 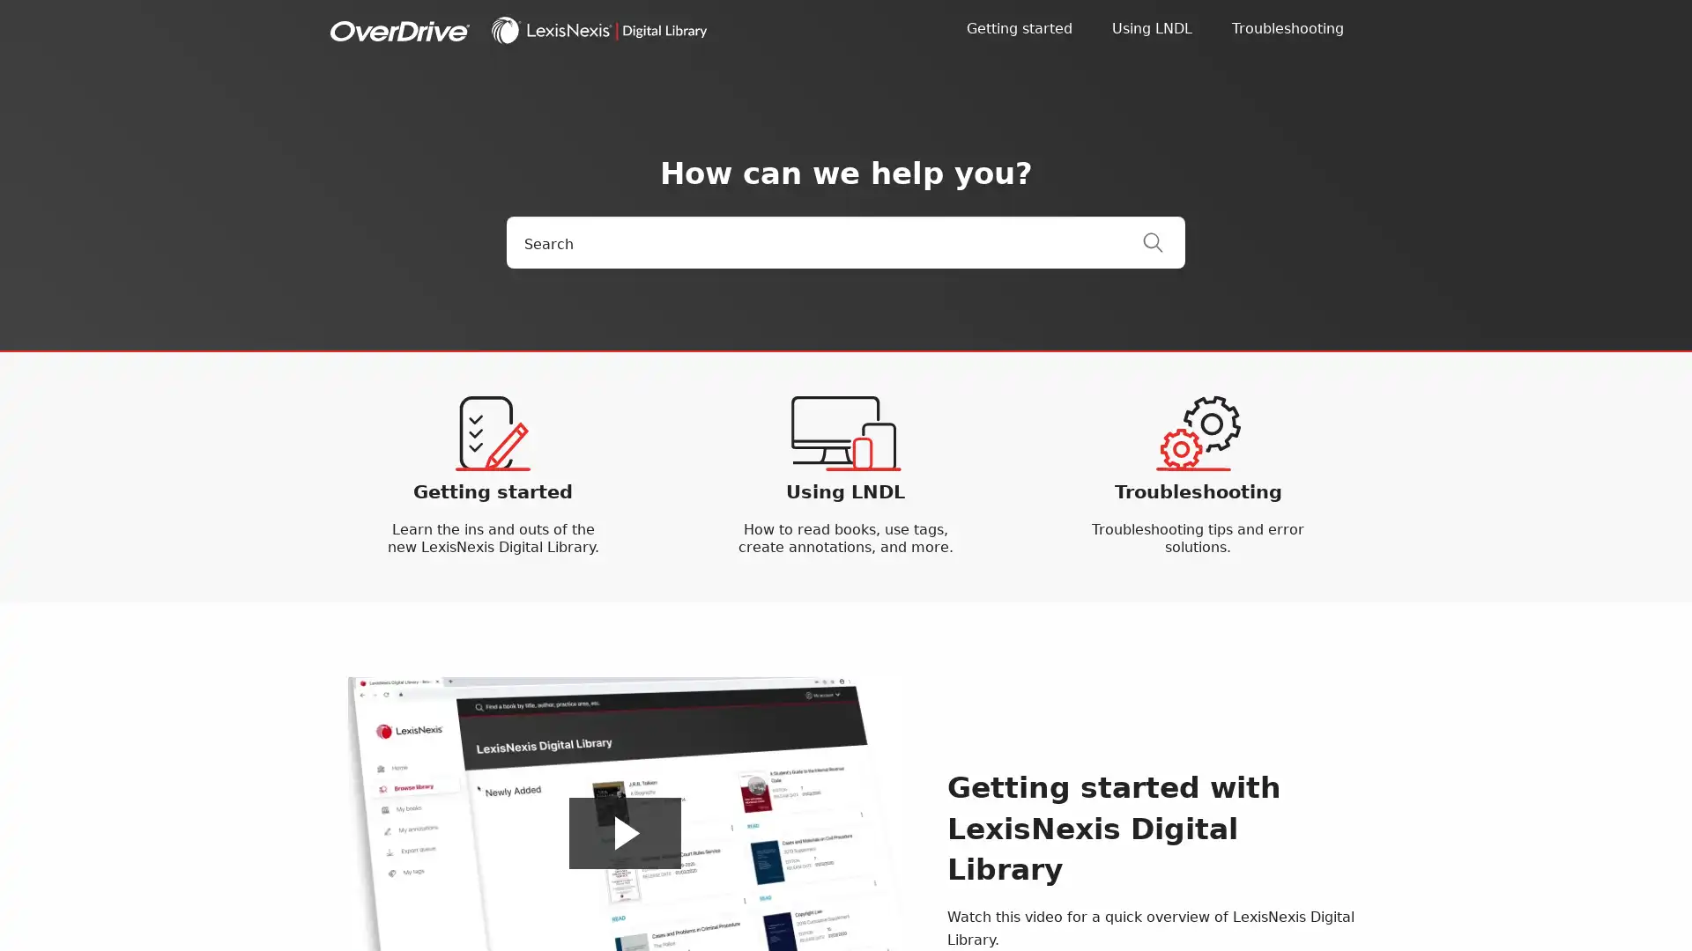 What do you see at coordinates (1163, 242) in the screenshot?
I see `Search` at bounding box center [1163, 242].